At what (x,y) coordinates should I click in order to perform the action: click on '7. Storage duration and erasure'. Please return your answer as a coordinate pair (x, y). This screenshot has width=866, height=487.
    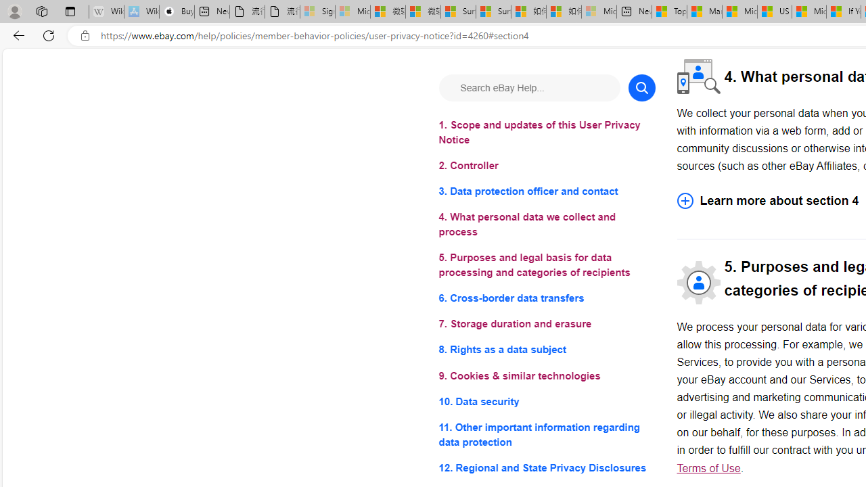
    Looking at the image, I should click on (547, 324).